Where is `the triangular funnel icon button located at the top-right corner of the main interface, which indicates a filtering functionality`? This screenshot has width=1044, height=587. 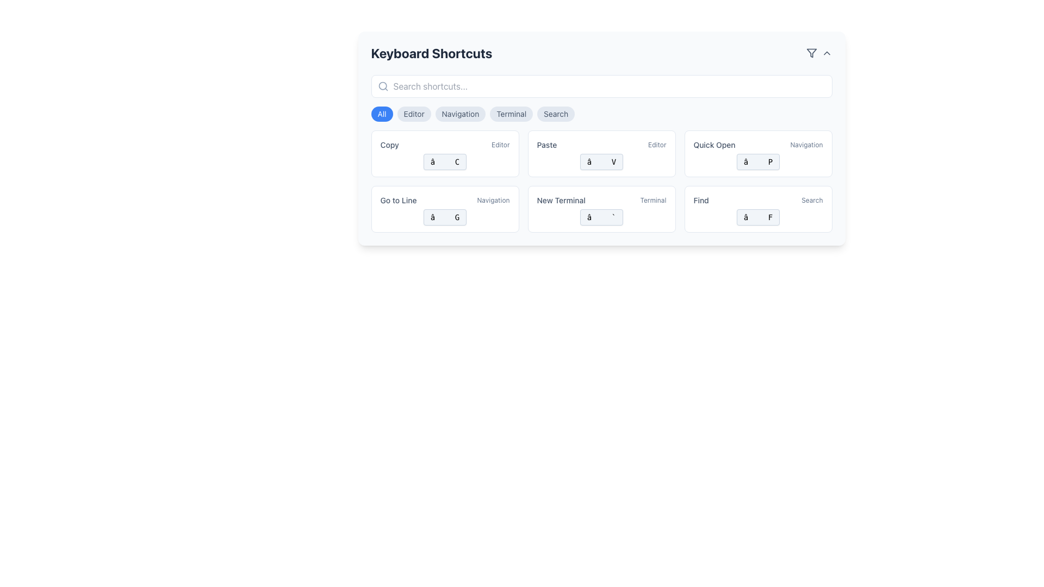 the triangular funnel icon button located at the top-right corner of the main interface, which indicates a filtering functionality is located at coordinates (811, 53).